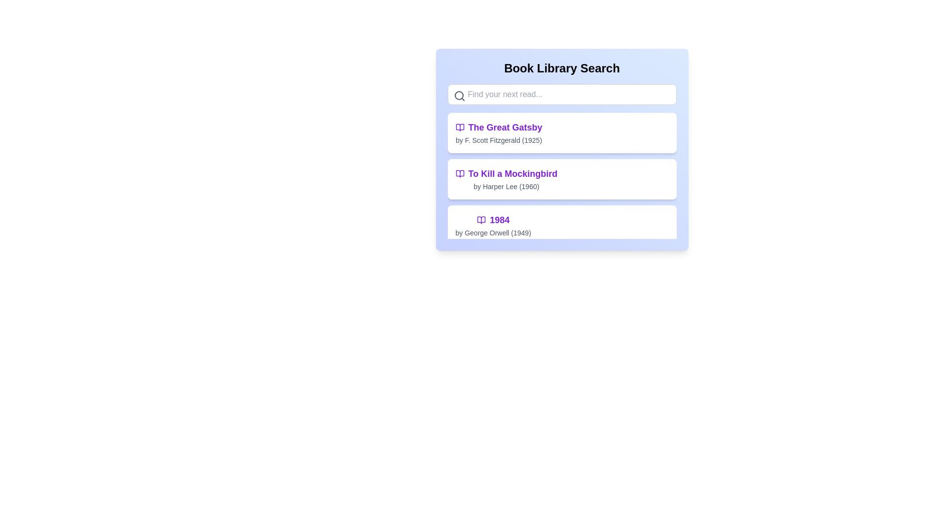  Describe the element at coordinates (493, 226) in the screenshot. I see `the text label displaying '1984 by George Orwell (1949)' which is styled in bold purple font and located as the third entry in the list of book entries` at that location.